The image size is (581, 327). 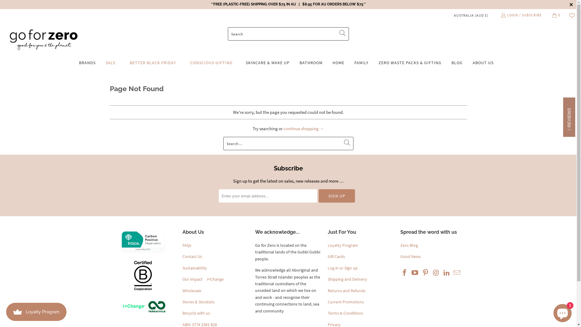 What do you see at coordinates (318, 196) in the screenshot?
I see `'Sign Up'` at bounding box center [318, 196].